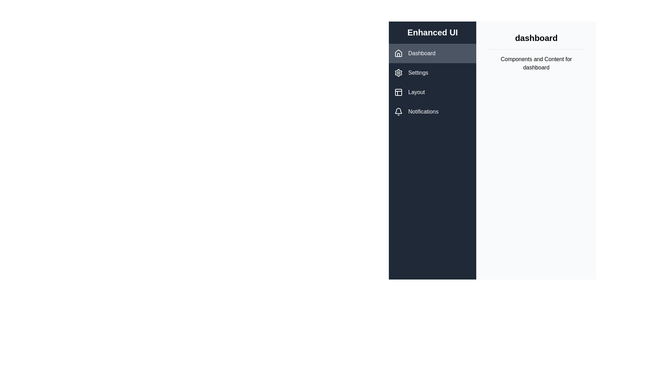 This screenshot has width=666, height=375. Describe the element at coordinates (432, 92) in the screenshot. I see `the Layout navigation tab to navigate to its section` at that location.